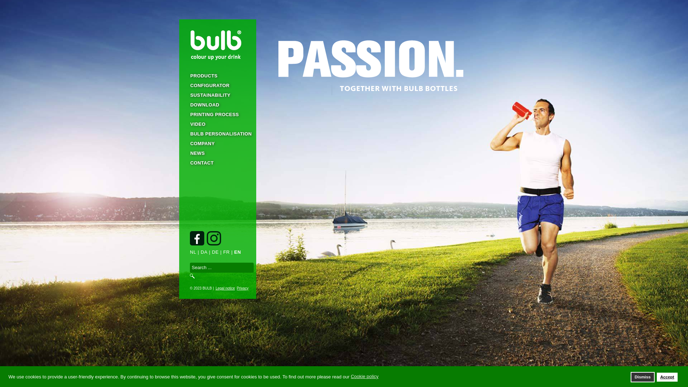 This screenshot has height=387, width=688. What do you see at coordinates (217, 95) in the screenshot?
I see `'SUSTAINABILITY'` at bounding box center [217, 95].